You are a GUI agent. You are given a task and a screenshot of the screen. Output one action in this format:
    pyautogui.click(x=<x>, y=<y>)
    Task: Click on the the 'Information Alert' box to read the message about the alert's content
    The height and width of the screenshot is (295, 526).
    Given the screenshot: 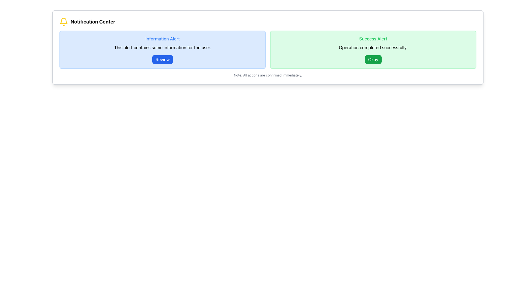 What is the action you would take?
    pyautogui.click(x=162, y=49)
    